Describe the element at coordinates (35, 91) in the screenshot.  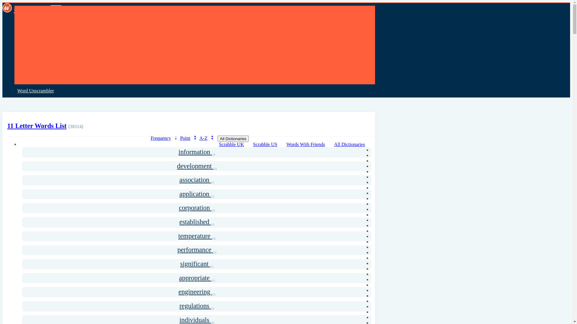
I see `'Word Unscrambler'` at that location.